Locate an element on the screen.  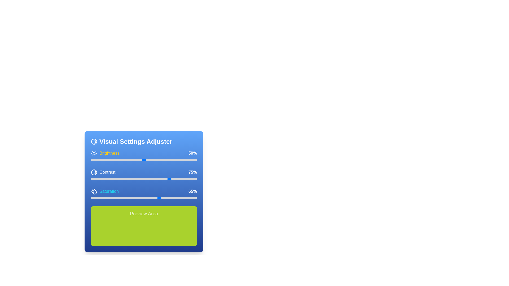
the contrast value is located at coordinates (156, 179).